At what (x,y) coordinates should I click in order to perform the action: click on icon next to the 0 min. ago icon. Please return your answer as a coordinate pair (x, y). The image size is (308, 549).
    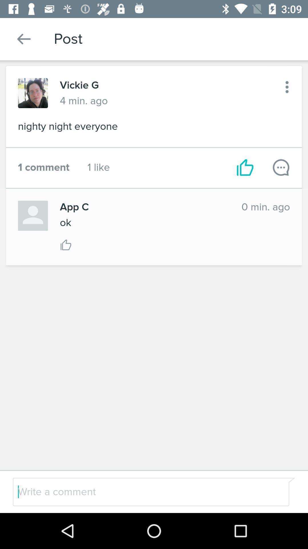
    Looking at the image, I should click on (144, 207).